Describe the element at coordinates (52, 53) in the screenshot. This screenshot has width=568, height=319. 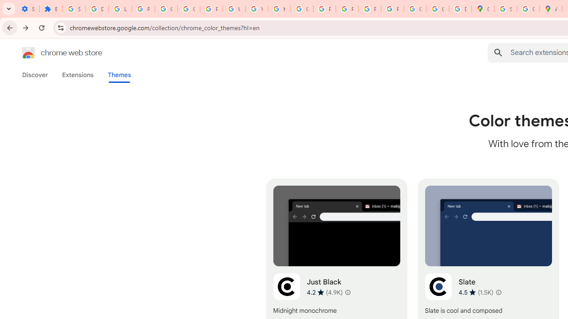
I see `'Chrome Web Store logo chrome web store'` at that location.